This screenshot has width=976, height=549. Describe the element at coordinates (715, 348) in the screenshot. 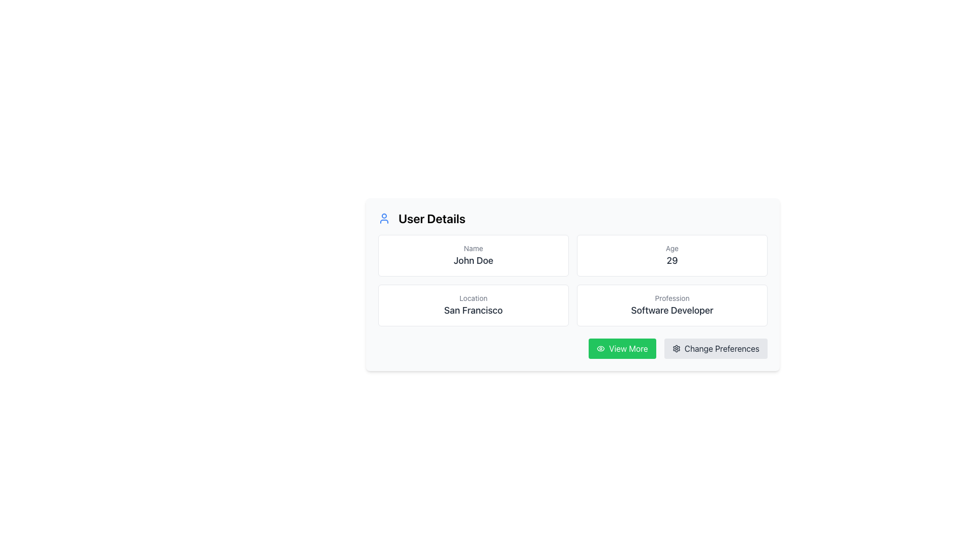

I see `the 'Change Preferences' button, which is styled with a light gray background and dark gray text, and includes a gear icon to the left of the text` at that location.